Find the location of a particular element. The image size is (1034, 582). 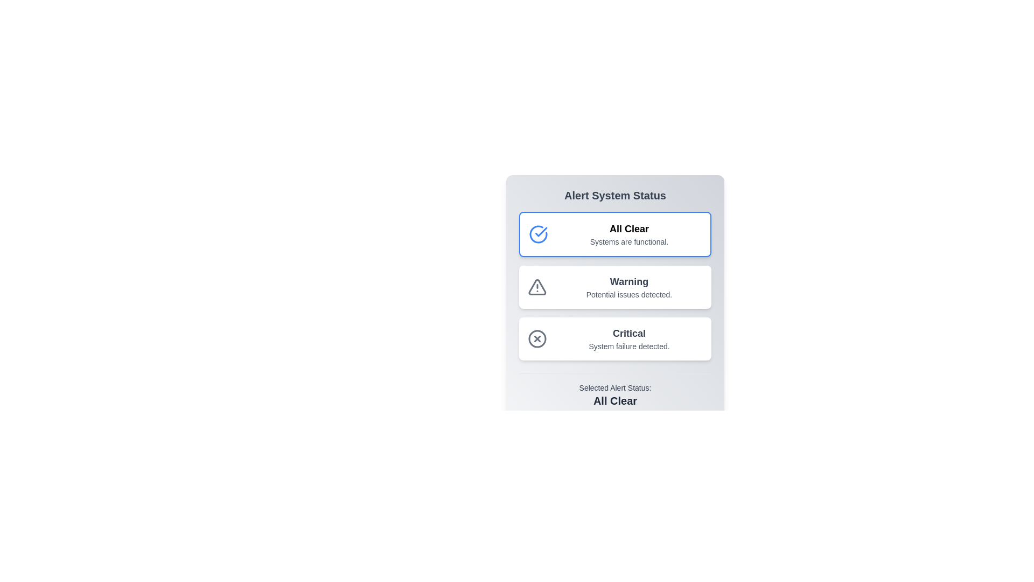

the 'Warning' text label at the top of the status card, which conveys the alert type to the user is located at coordinates (629, 281).